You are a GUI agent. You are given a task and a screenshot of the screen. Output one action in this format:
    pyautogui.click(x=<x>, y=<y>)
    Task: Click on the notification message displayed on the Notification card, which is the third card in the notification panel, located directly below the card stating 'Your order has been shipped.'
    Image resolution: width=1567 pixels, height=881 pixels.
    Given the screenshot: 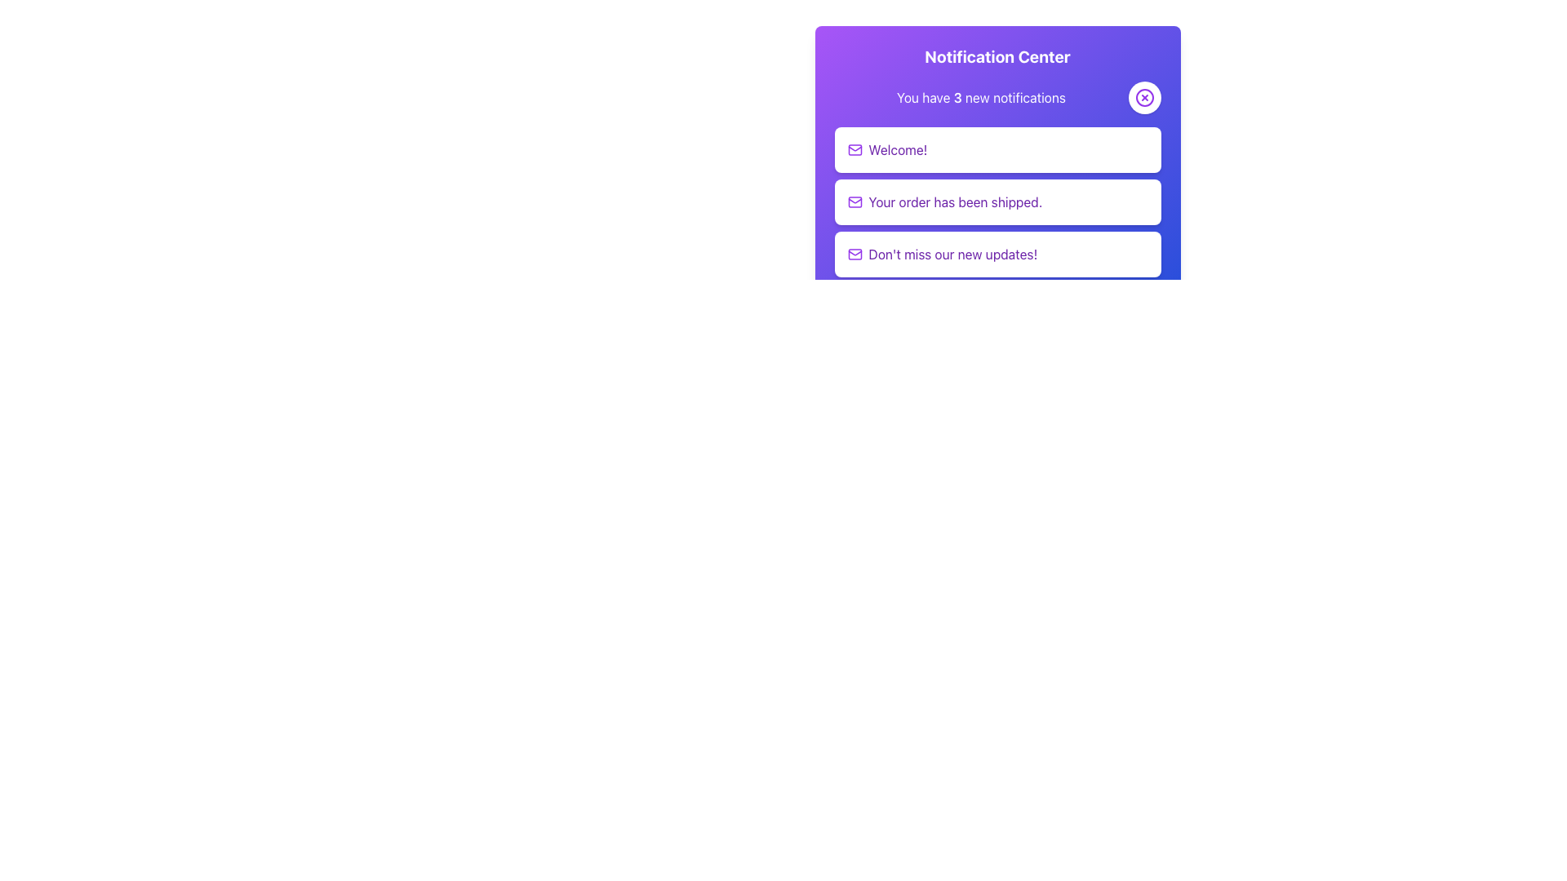 What is the action you would take?
    pyautogui.click(x=997, y=255)
    